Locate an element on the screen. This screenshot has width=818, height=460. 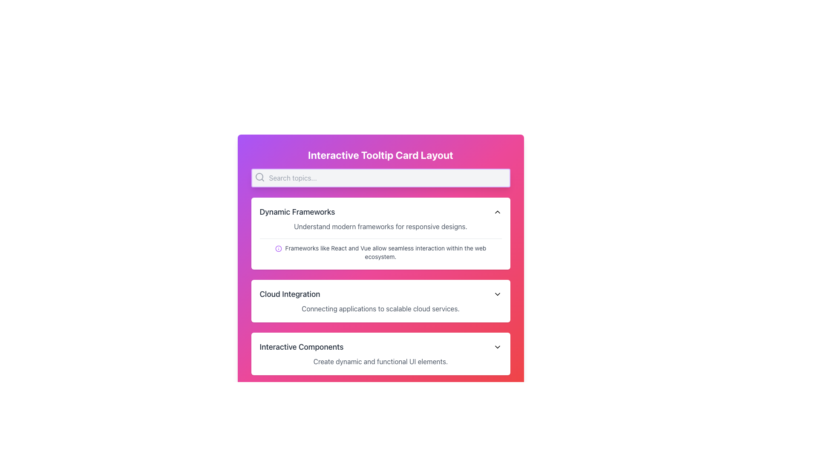
the downward-facing chevron icon adjacent to the 'Interactive Components' text is located at coordinates (497, 347).